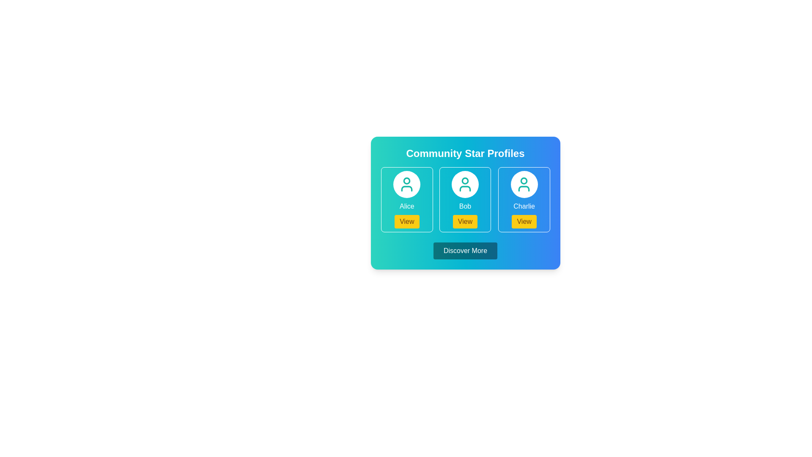  What do you see at coordinates (465, 184) in the screenshot?
I see `the user profile indicator icon for 'Bob', which is visually represented in a circular white background in the 'Community Star Profiles' section` at bounding box center [465, 184].